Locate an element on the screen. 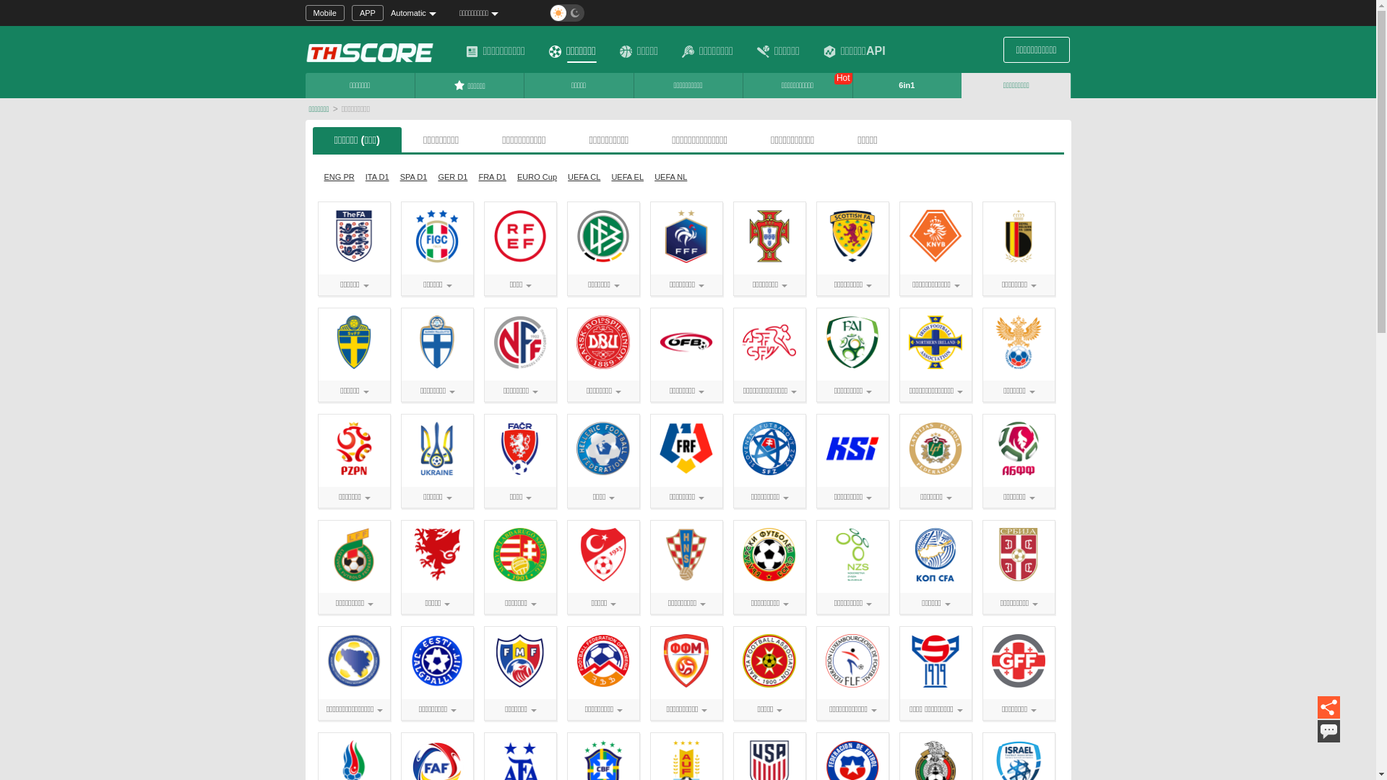 This screenshot has width=1387, height=780. 'UEFA EL' is located at coordinates (627, 176).